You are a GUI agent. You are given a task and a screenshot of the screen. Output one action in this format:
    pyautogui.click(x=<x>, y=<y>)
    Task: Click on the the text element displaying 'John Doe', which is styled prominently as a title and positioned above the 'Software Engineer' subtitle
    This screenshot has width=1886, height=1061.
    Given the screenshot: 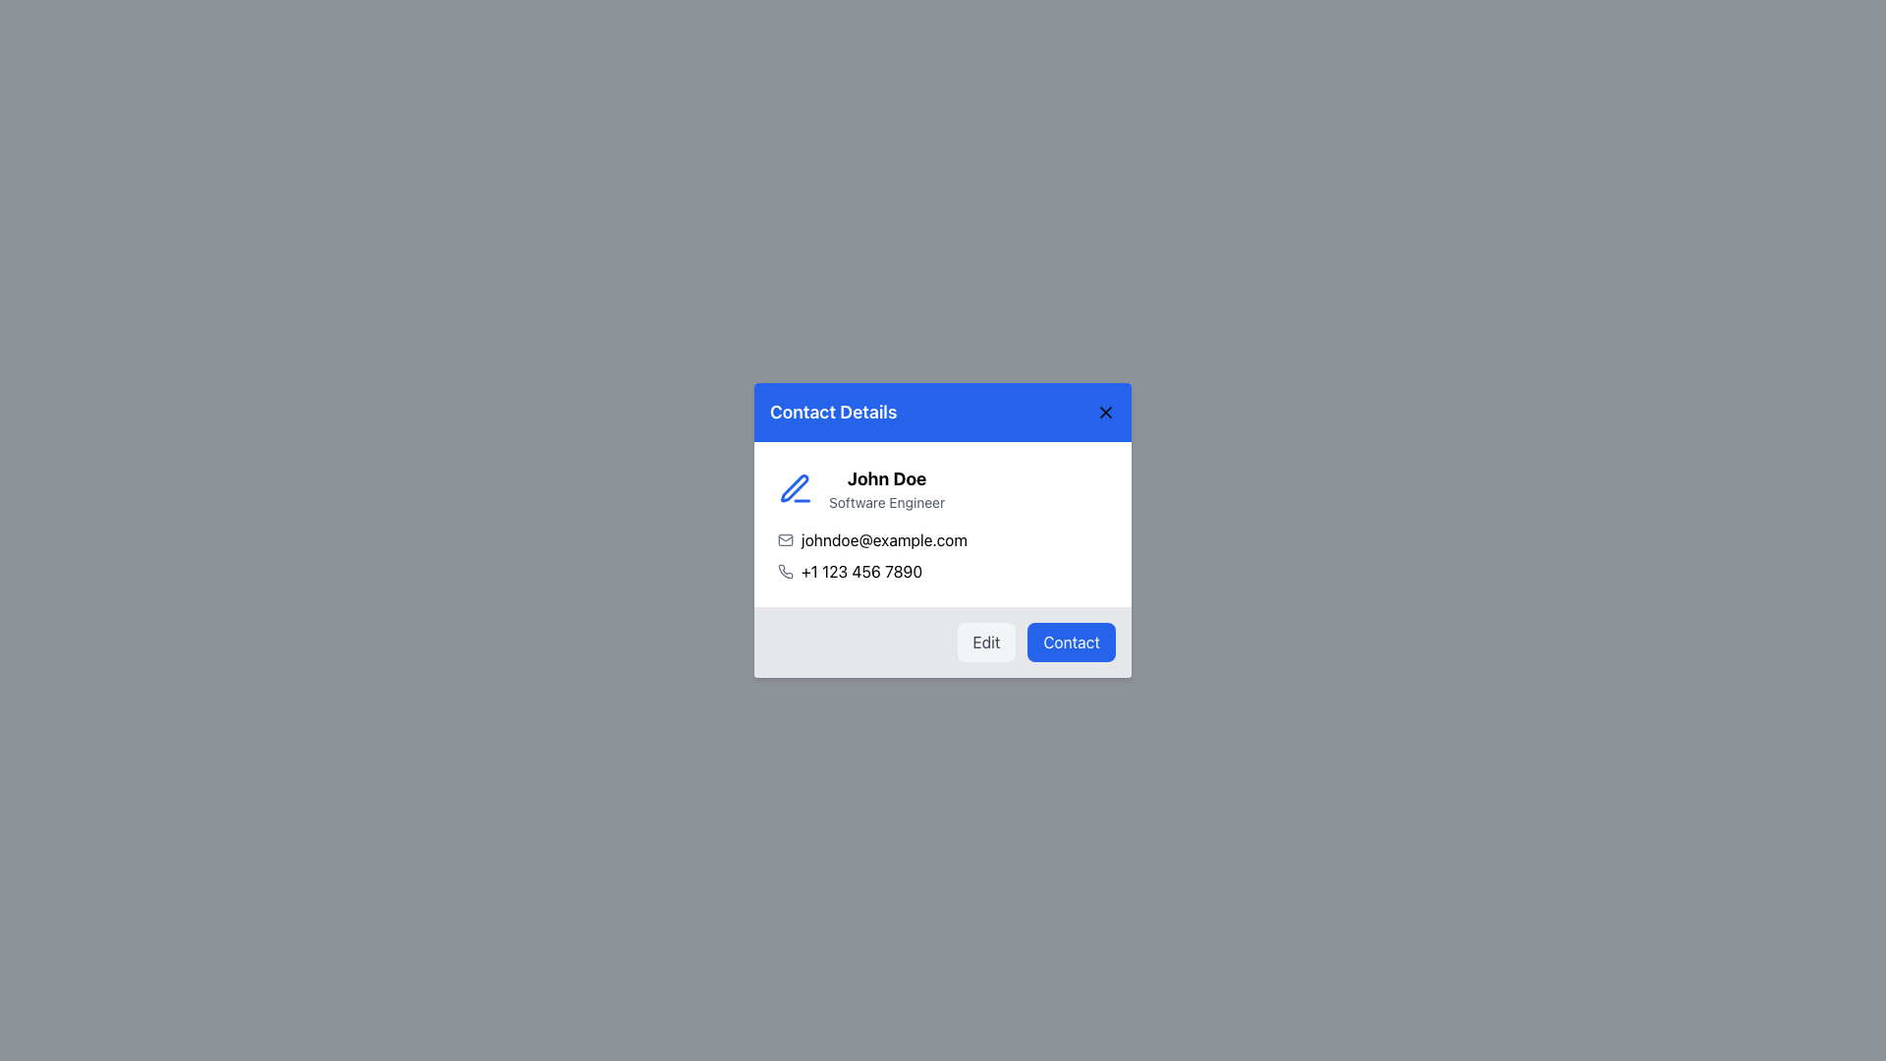 What is the action you would take?
    pyautogui.click(x=886, y=479)
    